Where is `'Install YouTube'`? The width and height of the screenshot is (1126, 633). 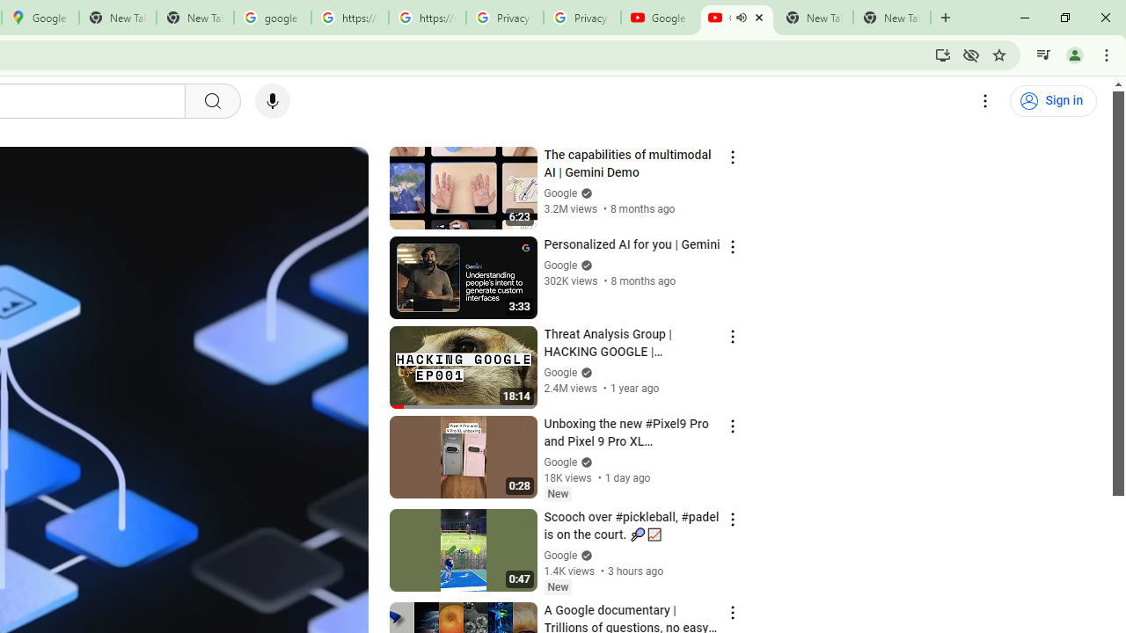 'Install YouTube' is located at coordinates (942, 54).